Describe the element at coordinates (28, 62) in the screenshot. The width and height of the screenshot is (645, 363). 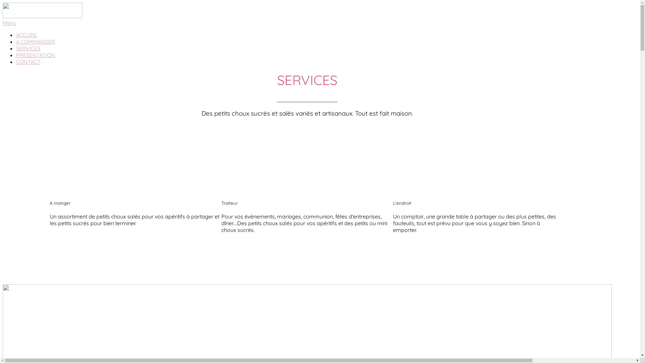
I see `'CONTACT'` at that location.